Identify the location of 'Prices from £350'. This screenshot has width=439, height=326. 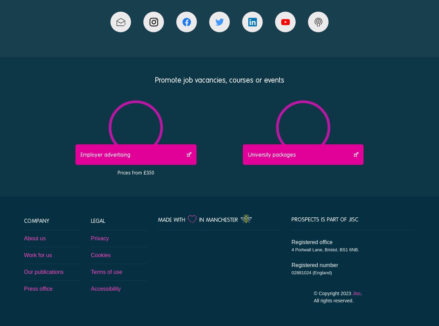
(135, 172).